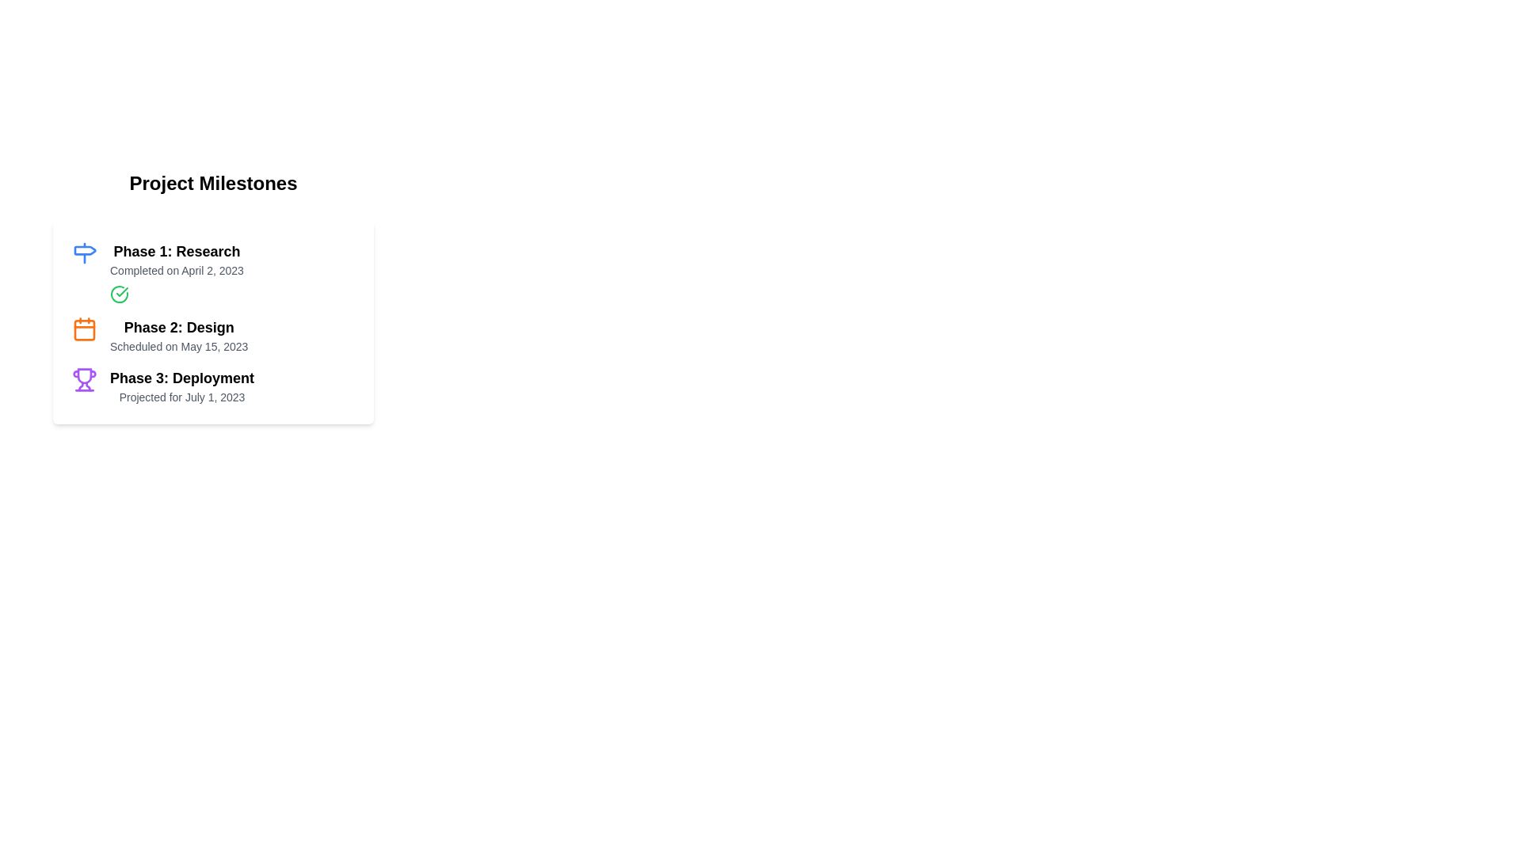  I want to click on the icon representing the milestone for 'Phase 1: Research' in the 'Project Milestones' section, which is located in the first row and aligned to the left, so click(83, 253).